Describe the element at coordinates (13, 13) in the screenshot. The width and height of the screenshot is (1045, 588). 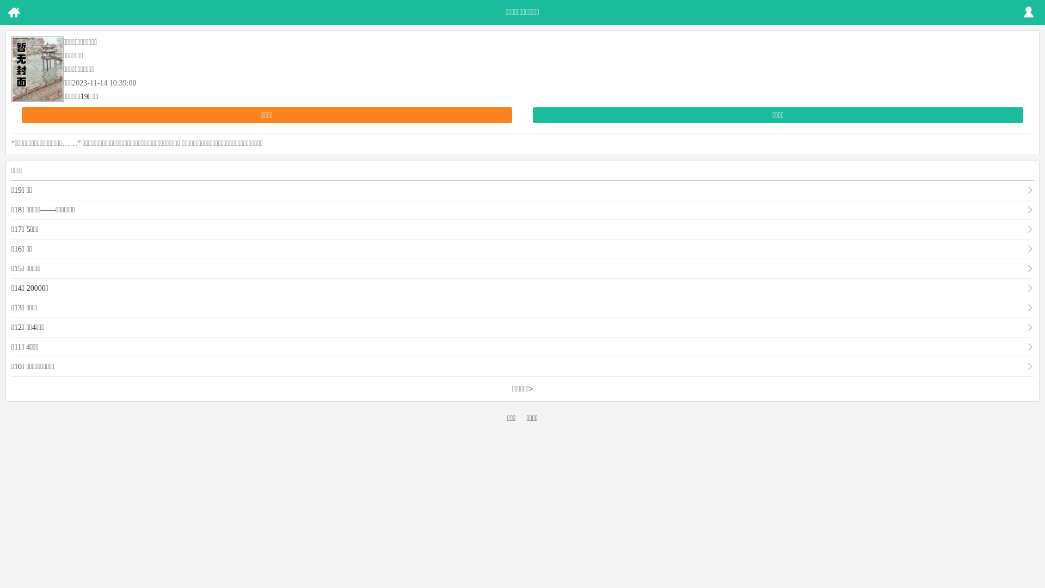
I see `' '` at that location.